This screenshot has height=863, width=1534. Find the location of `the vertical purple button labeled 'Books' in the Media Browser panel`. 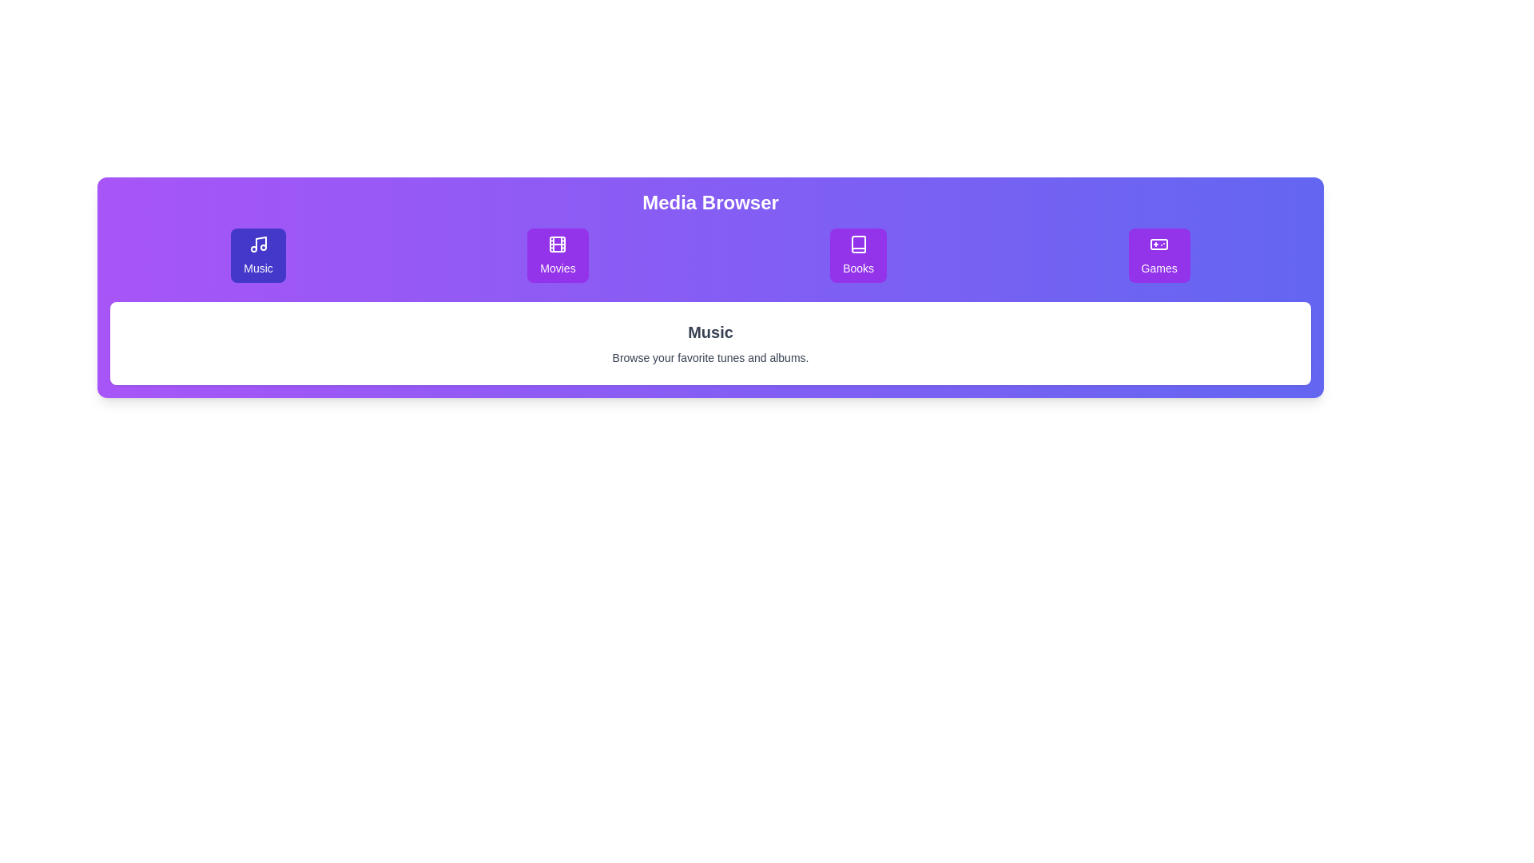

the vertical purple button labeled 'Books' in the Media Browser panel is located at coordinates (857, 255).